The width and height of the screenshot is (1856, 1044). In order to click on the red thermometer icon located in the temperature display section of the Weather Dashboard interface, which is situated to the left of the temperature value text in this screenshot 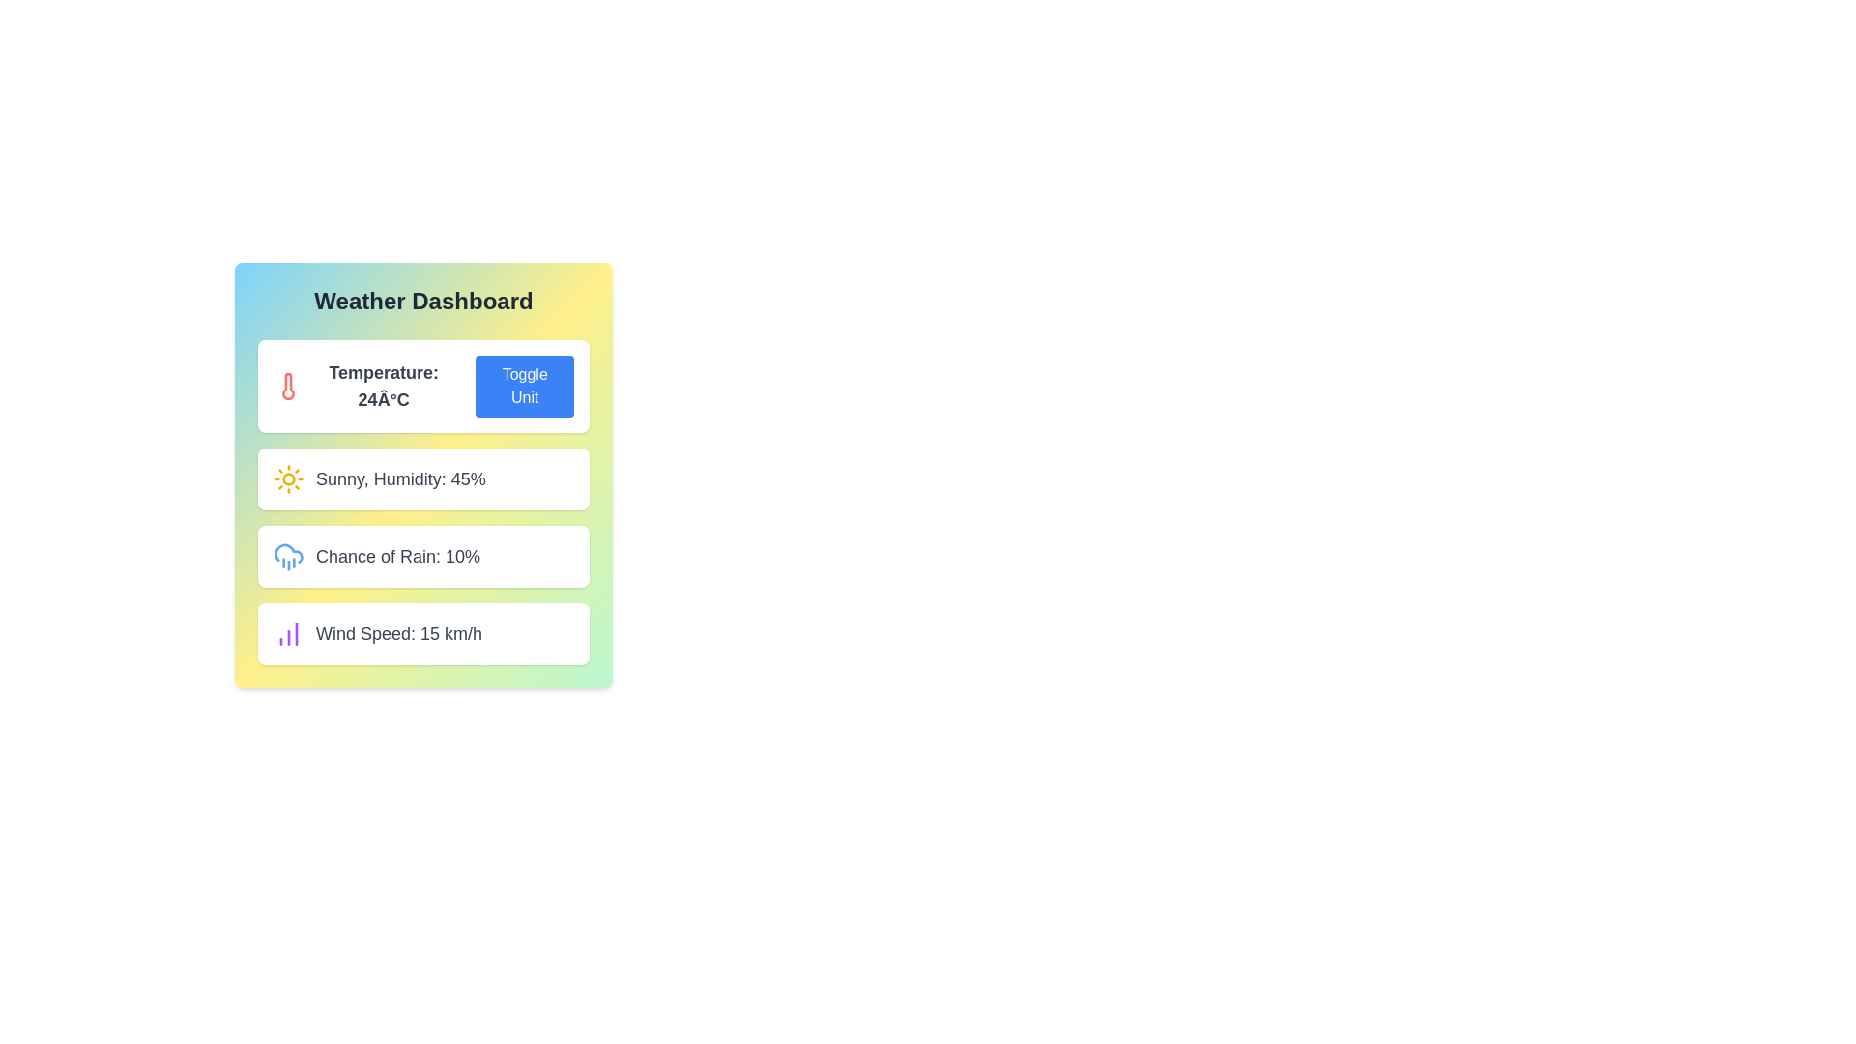, I will do `click(287, 387)`.